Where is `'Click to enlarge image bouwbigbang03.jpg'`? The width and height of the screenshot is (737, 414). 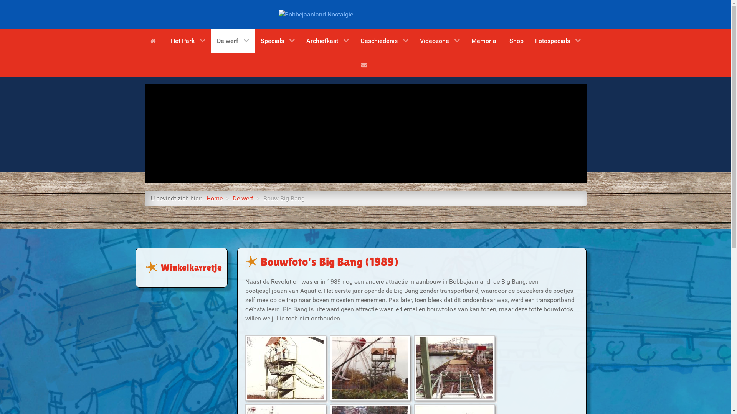 'Click to enlarge image bouwbigbang03.jpg' is located at coordinates (454, 368).